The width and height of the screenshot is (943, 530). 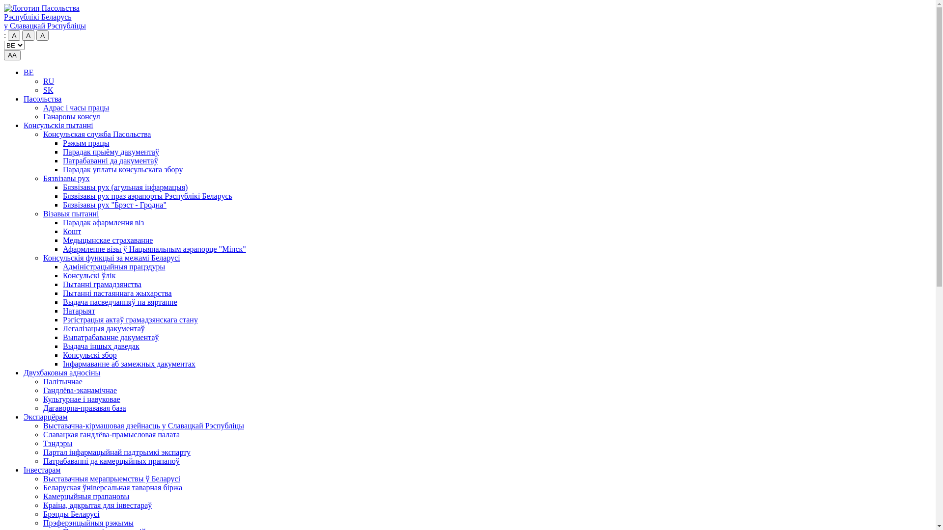 I want to click on 'BE', so click(x=28, y=72).